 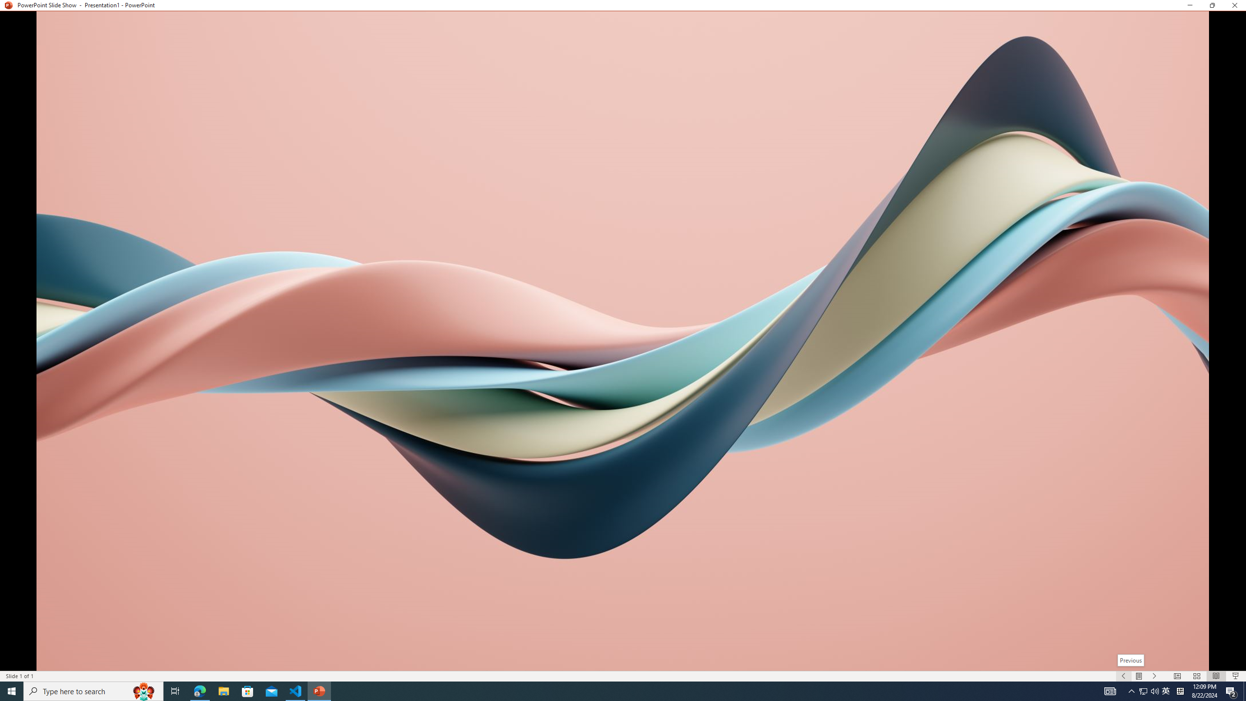 I want to click on 'Previous', so click(x=1131, y=660).